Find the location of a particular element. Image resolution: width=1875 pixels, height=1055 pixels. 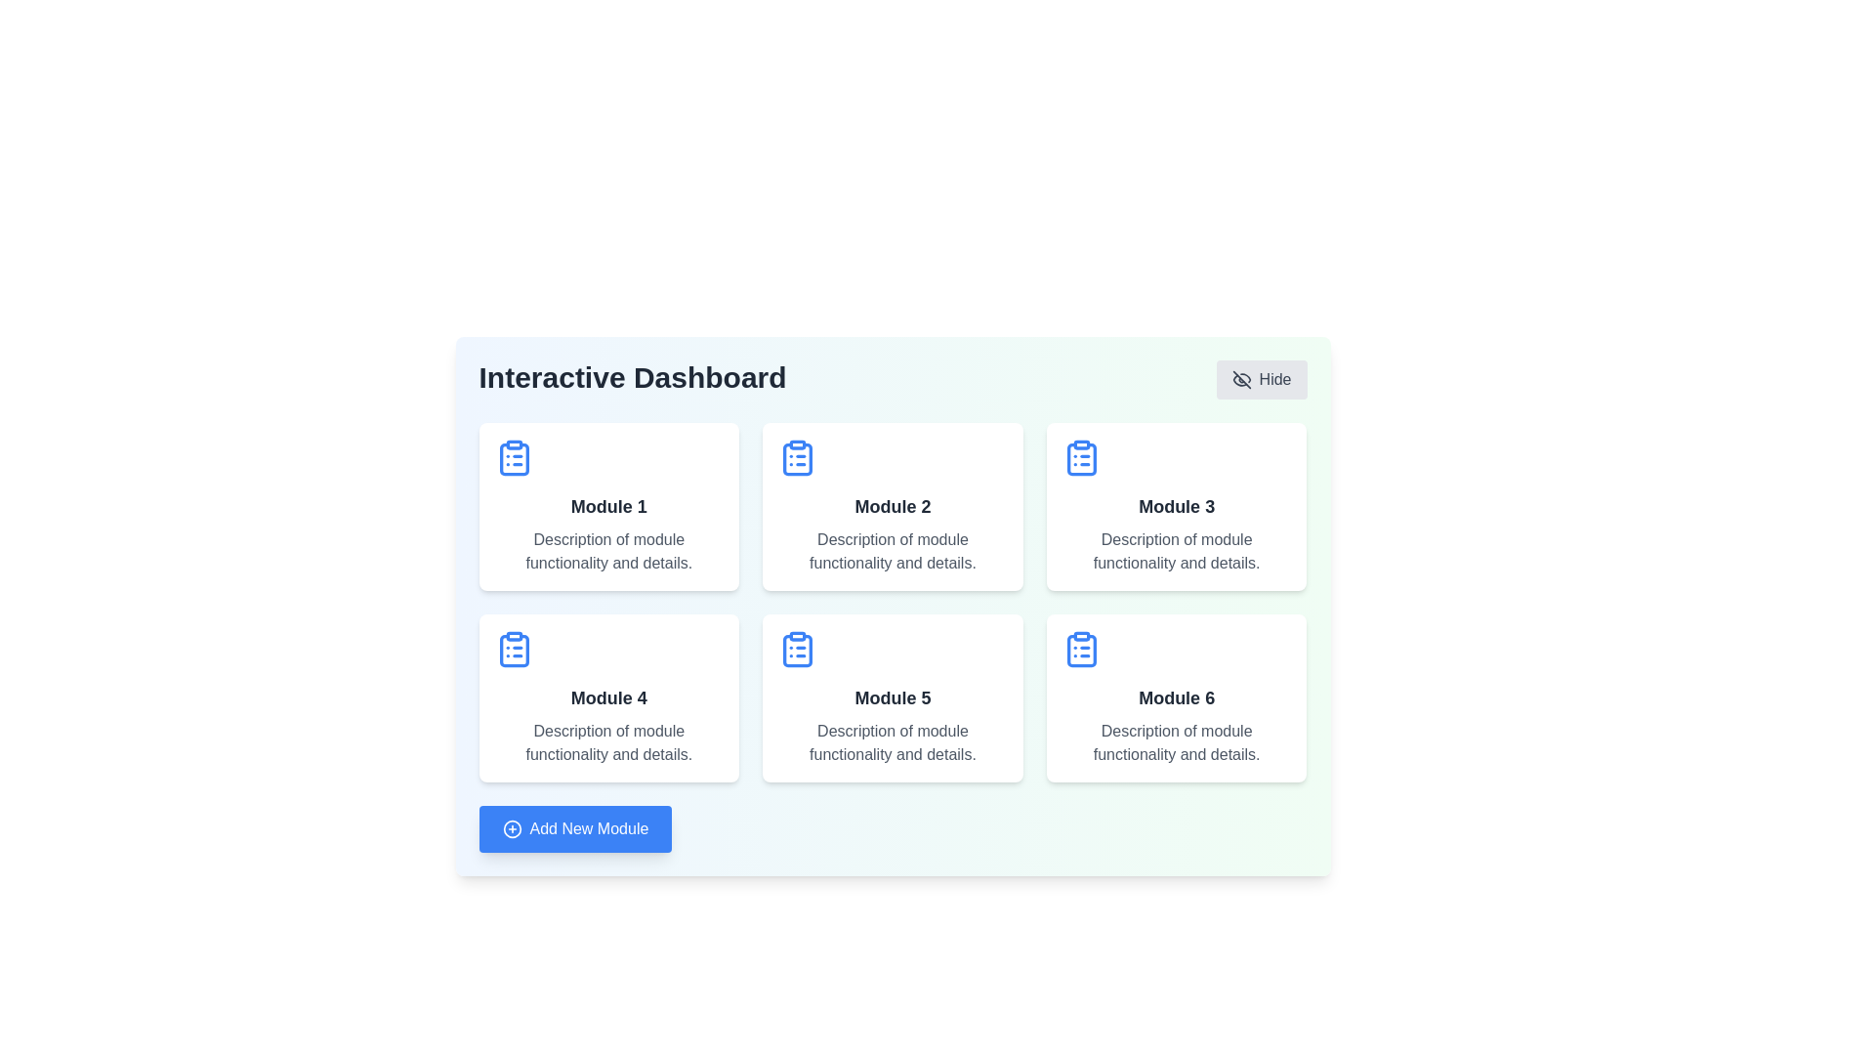

the circular outline icon with a centered cross located within the 'Add New Module' button at the bottom-left of the grid layout is located at coordinates (512, 828).